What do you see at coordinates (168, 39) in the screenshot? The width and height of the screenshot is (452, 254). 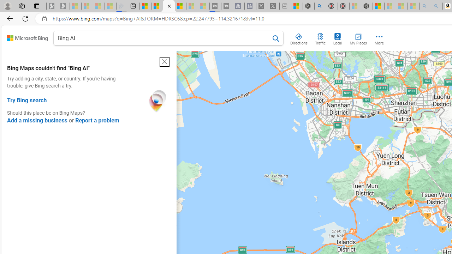 I see `'Bing AI'` at bounding box center [168, 39].